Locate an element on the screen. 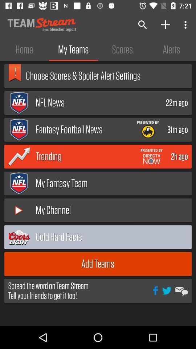 This screenshot has height=349, width=196. empty of box is located at coordinates (172, 237).